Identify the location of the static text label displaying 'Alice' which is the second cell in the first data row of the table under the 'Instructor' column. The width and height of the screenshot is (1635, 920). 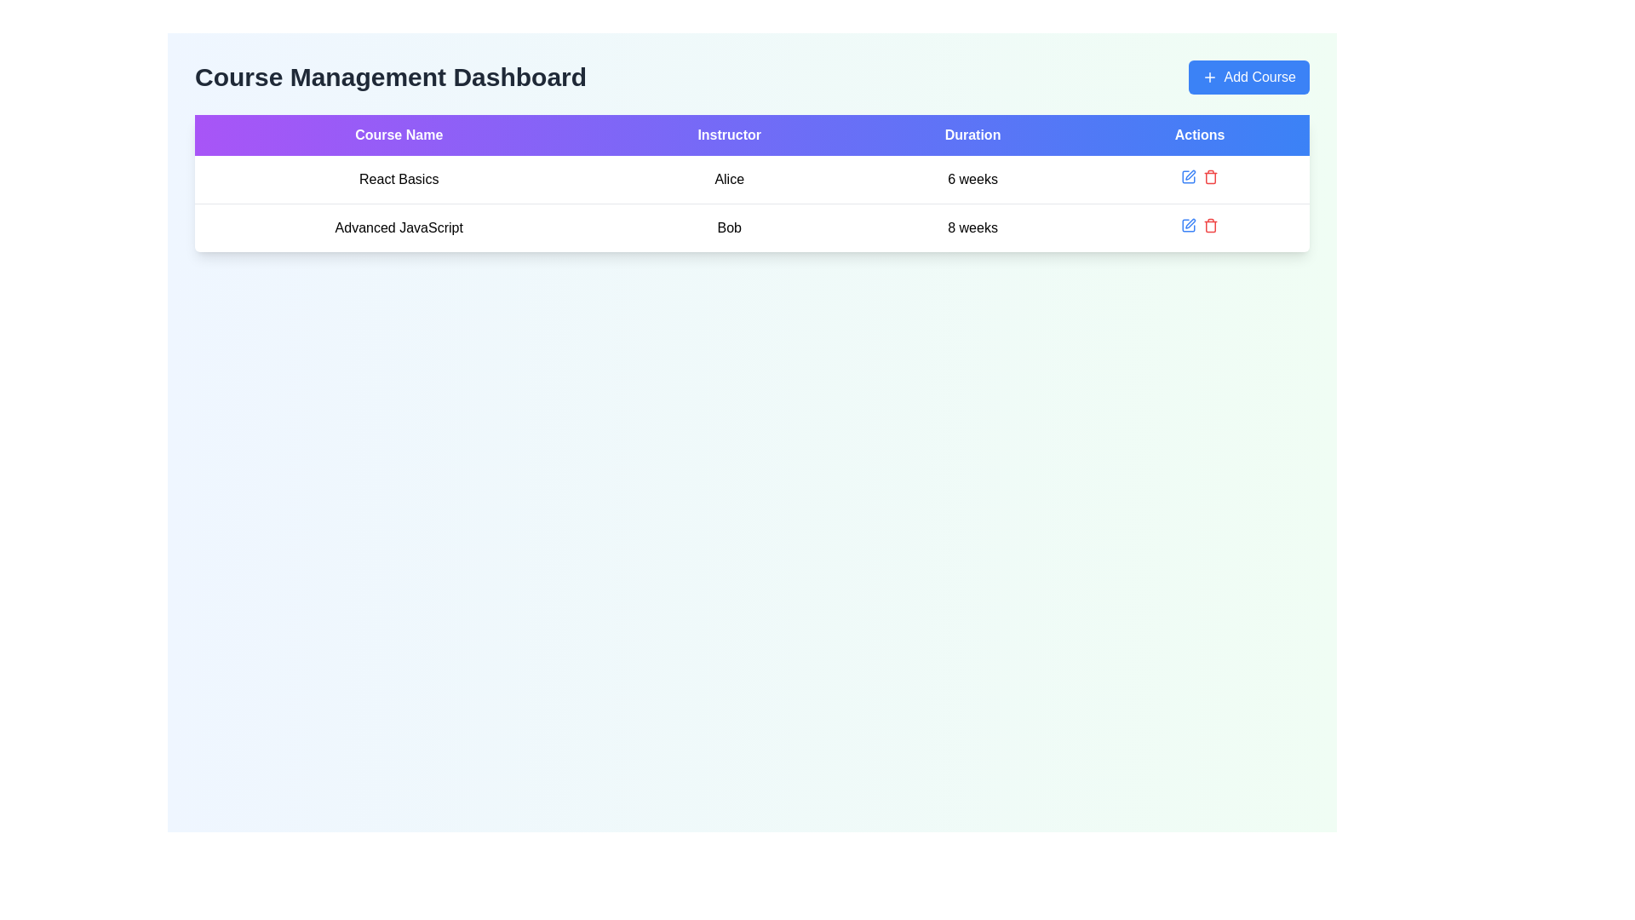
(729, 180).